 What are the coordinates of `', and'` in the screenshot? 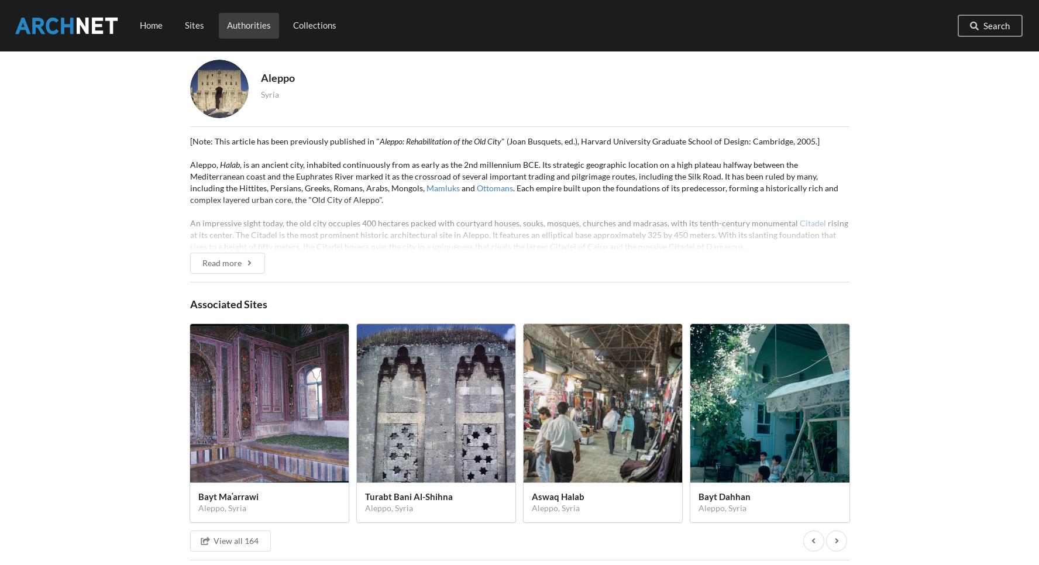 It's located at (337, 538).